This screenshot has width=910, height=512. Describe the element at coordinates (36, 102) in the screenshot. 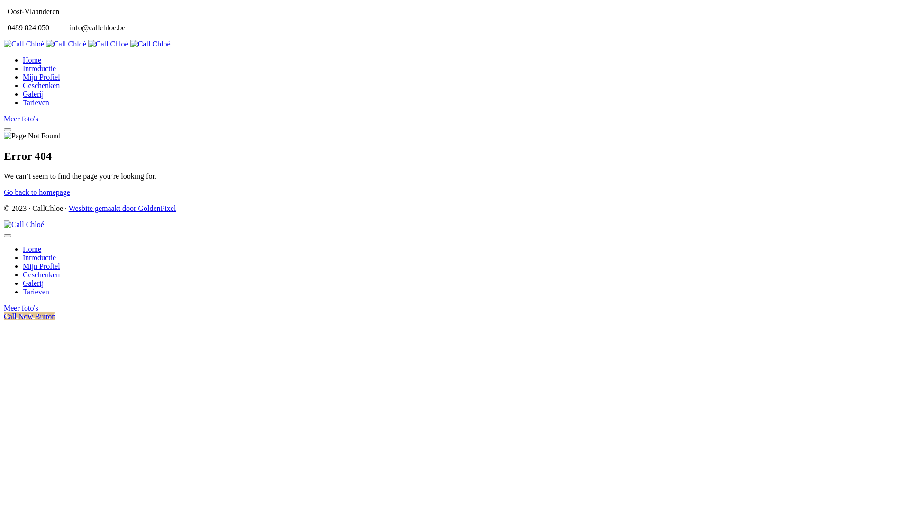

I see `'Tarieven'` at that location.